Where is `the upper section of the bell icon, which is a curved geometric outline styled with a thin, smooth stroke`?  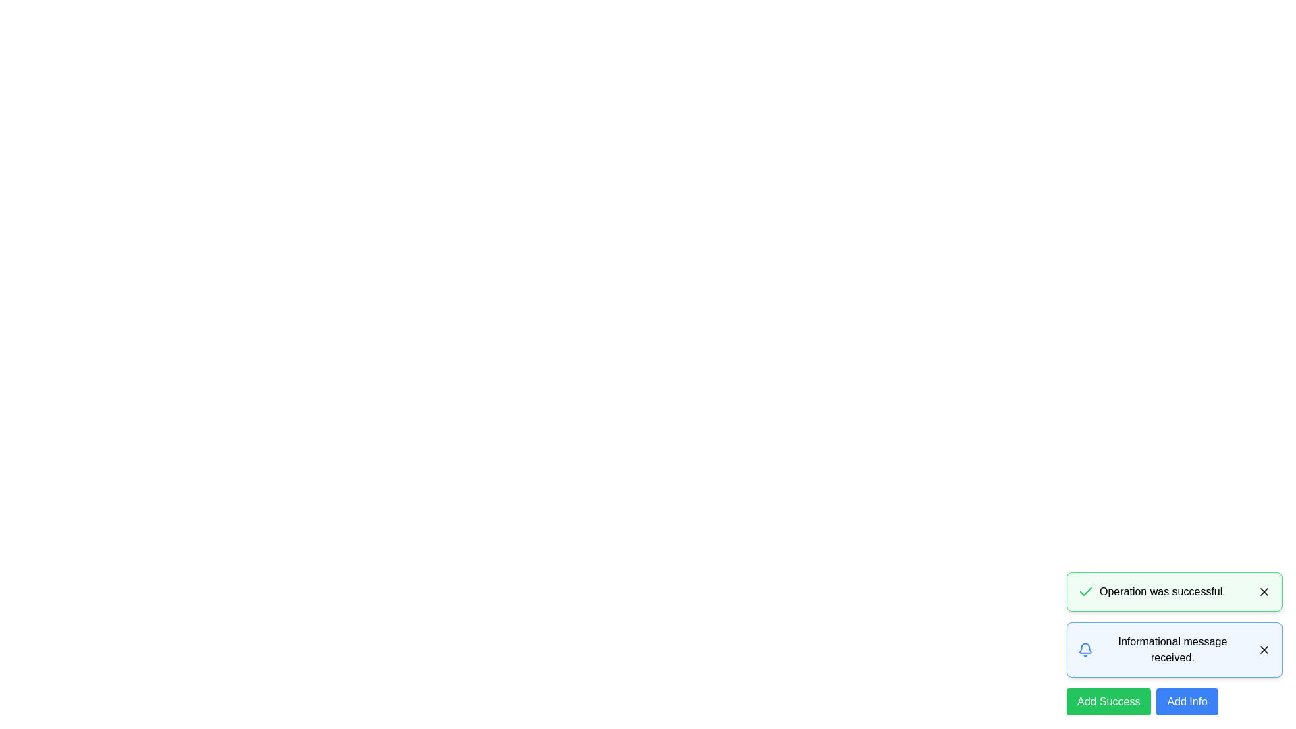
the upper section of the bell icon, which is a curved geometric outline styled with a thin, smooth stroke is located at coordinates (1085, 647).